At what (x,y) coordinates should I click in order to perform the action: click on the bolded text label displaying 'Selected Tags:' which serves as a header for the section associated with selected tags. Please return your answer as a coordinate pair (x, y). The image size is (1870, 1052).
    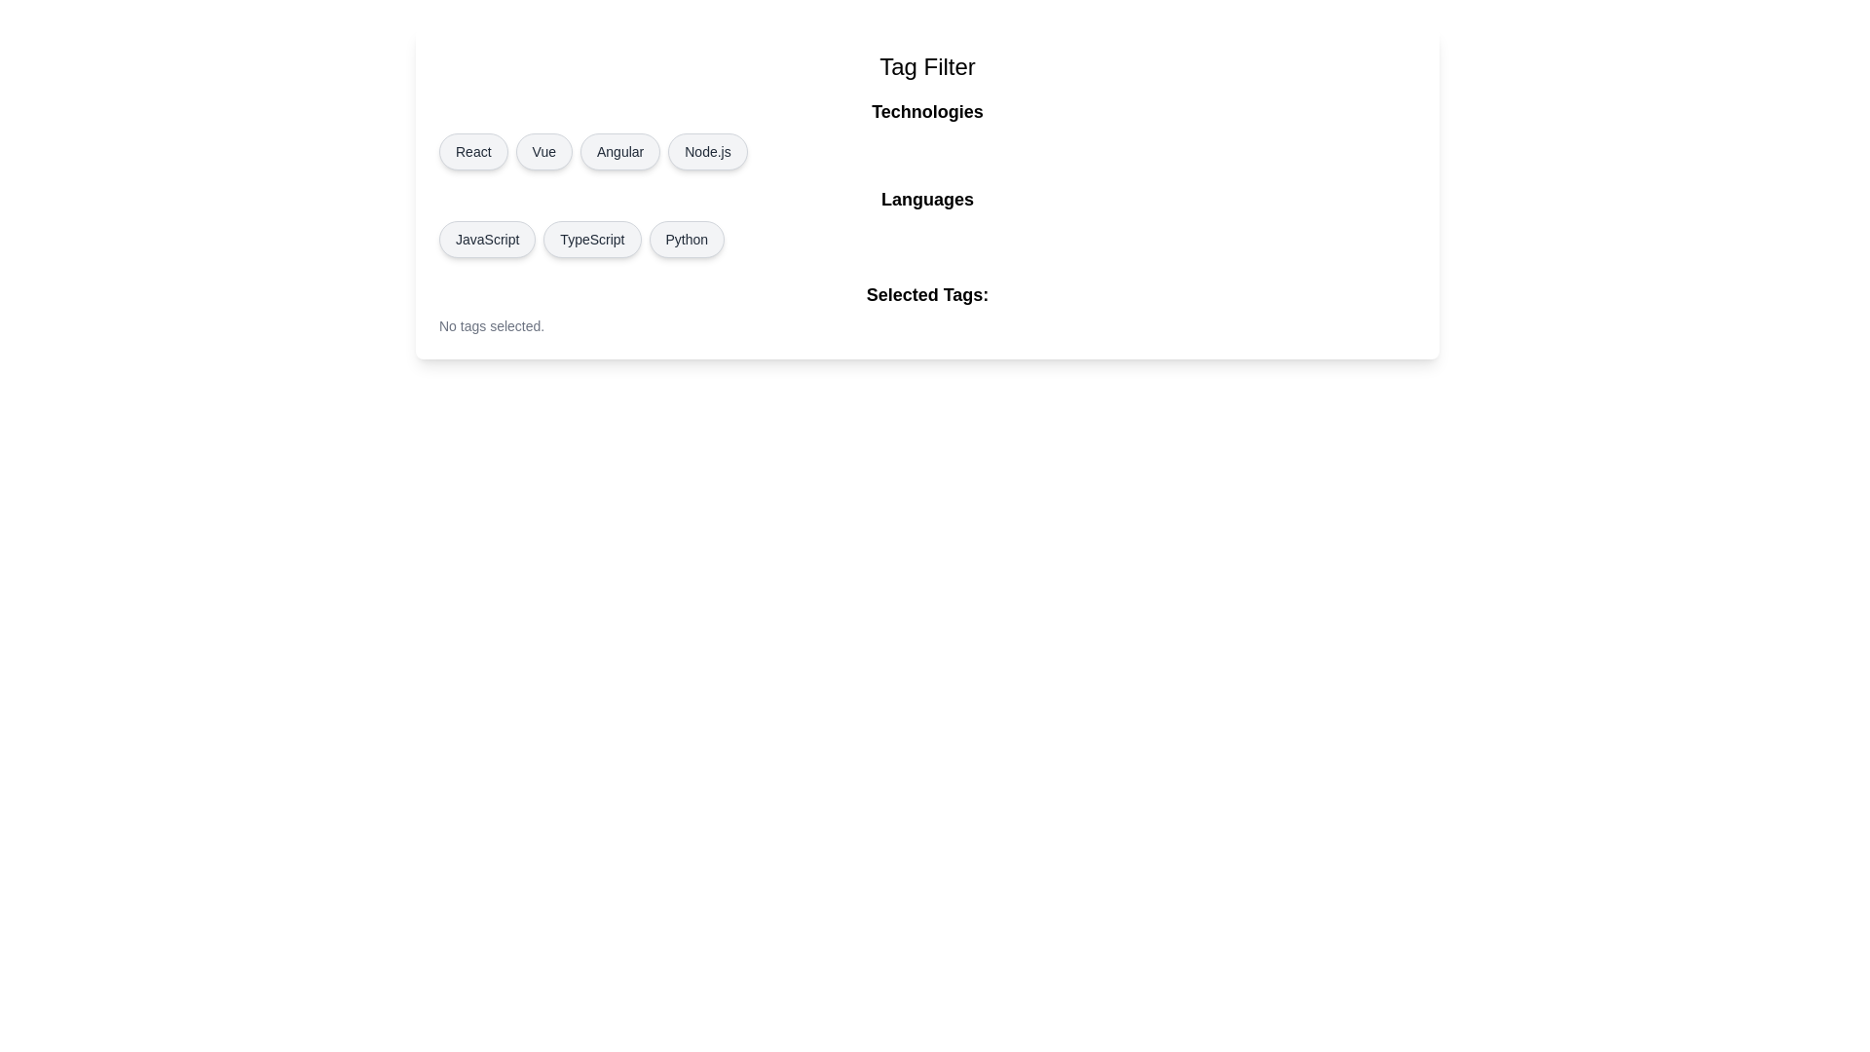
    Looking at the image, I should click on (926, 295).